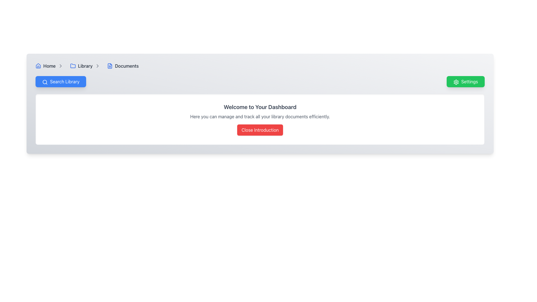  Describe the element at coordinates (60, 65) in the screenshot. I see `the second right-pointing chevron icon in the header navigation bar, located between the 'Home' and 'Library' texts` at that location.